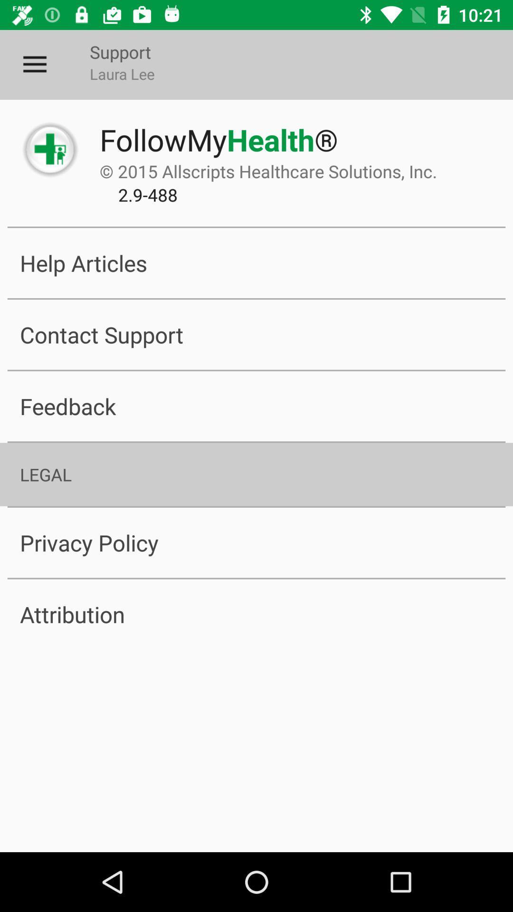 Image resolution: width=513 pixels, height=912 pixels. What do you see at coordinates (256, 614) in the screenshot?
I see `item below privacy policy` at bounding box center [256, 614].